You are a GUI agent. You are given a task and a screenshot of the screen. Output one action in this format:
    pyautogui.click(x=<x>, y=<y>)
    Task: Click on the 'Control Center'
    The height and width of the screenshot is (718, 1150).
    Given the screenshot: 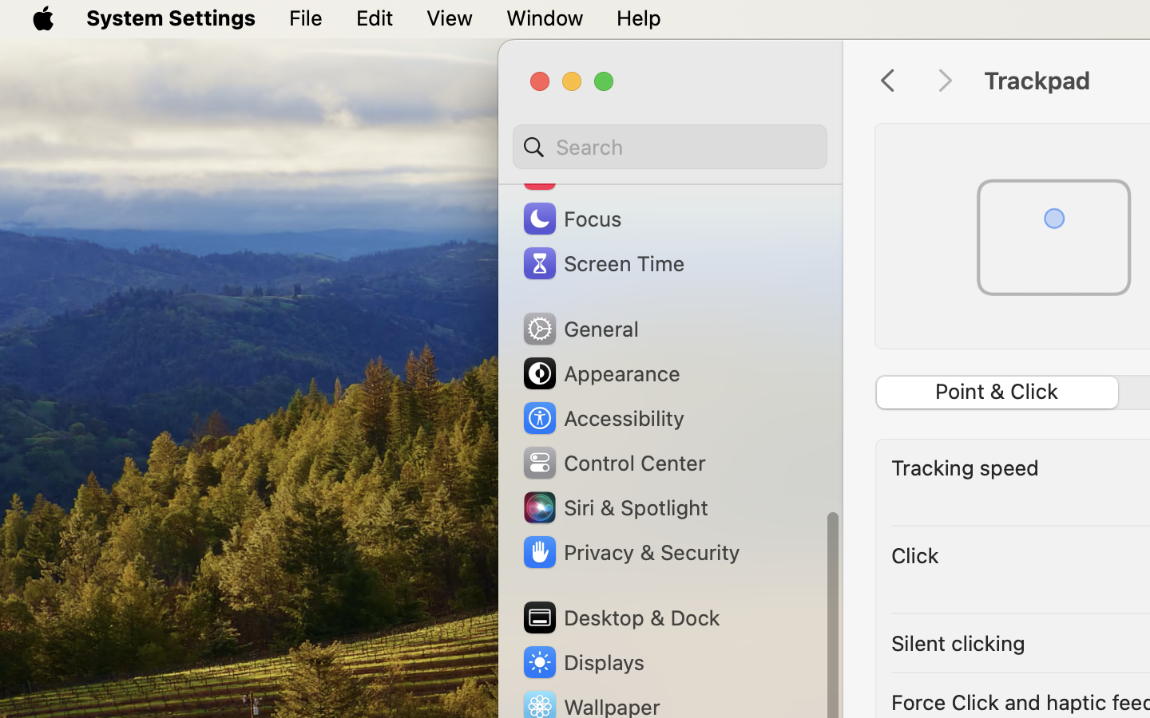 What is the action you would take?
    pyautogui.click(x=612, y=462)
    